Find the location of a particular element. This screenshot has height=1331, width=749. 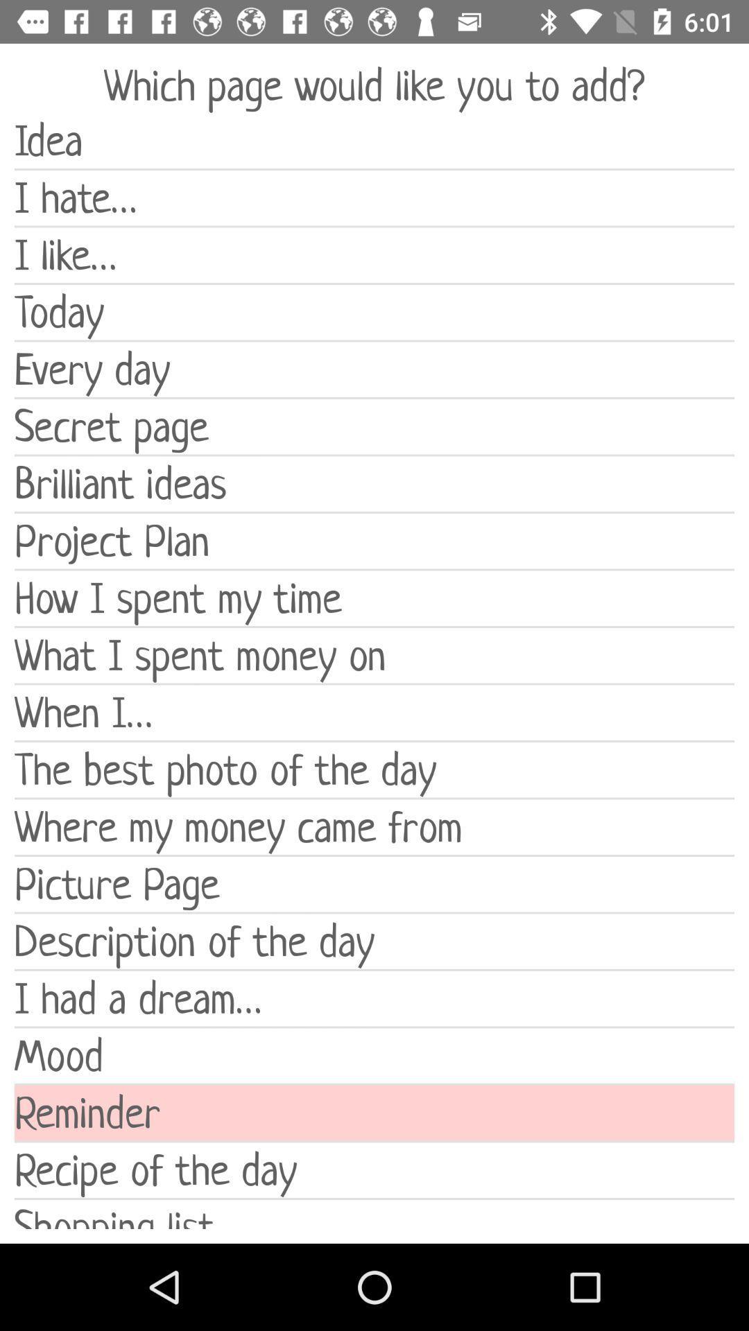

item below the which page would item is located at coordinates (374, 141).